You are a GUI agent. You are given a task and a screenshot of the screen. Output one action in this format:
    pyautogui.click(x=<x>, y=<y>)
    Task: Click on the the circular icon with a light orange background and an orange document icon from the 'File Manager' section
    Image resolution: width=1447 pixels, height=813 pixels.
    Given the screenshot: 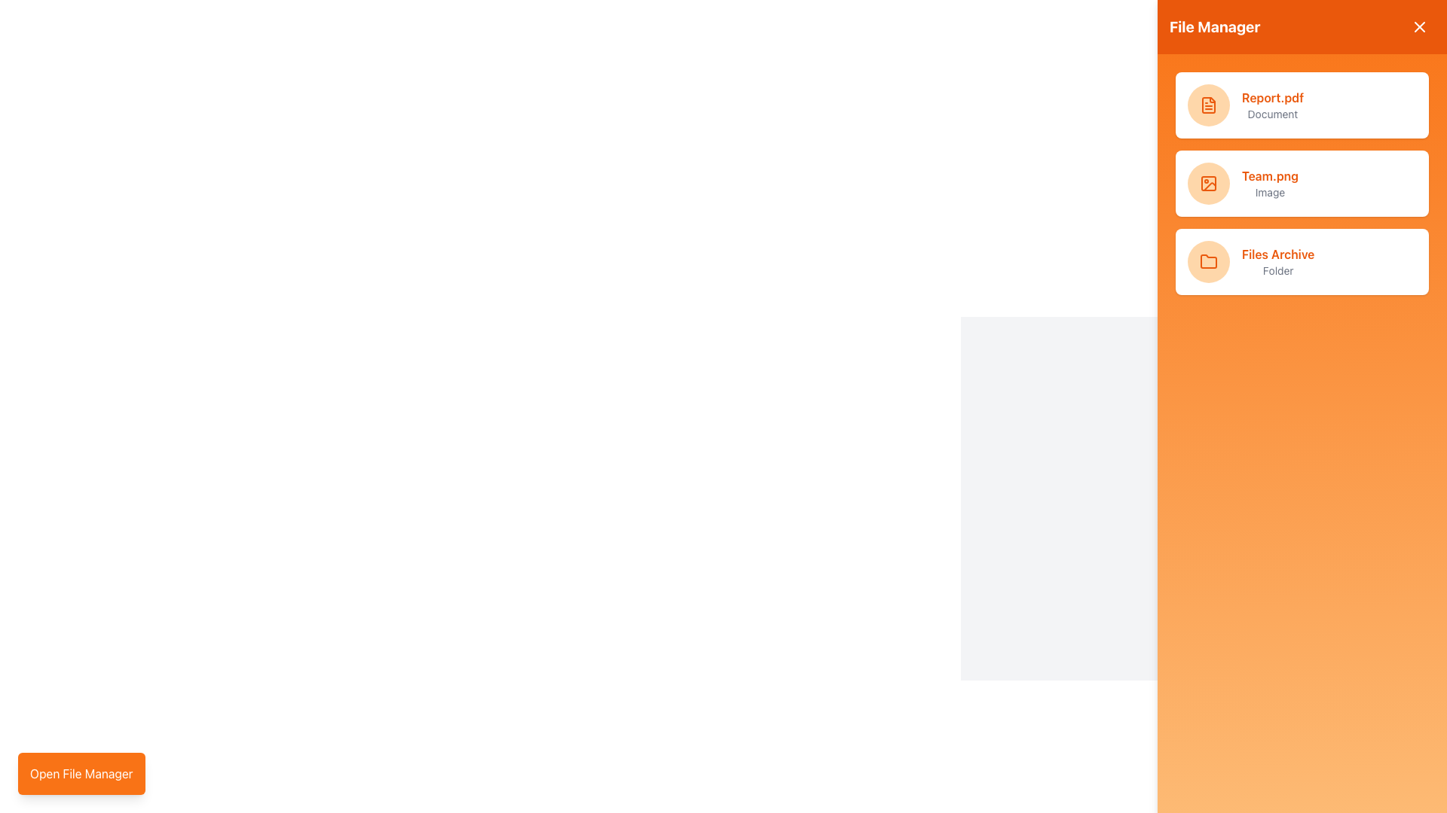 What is the action you would take?
    pyautogui.click(x=1208, y=104)
    